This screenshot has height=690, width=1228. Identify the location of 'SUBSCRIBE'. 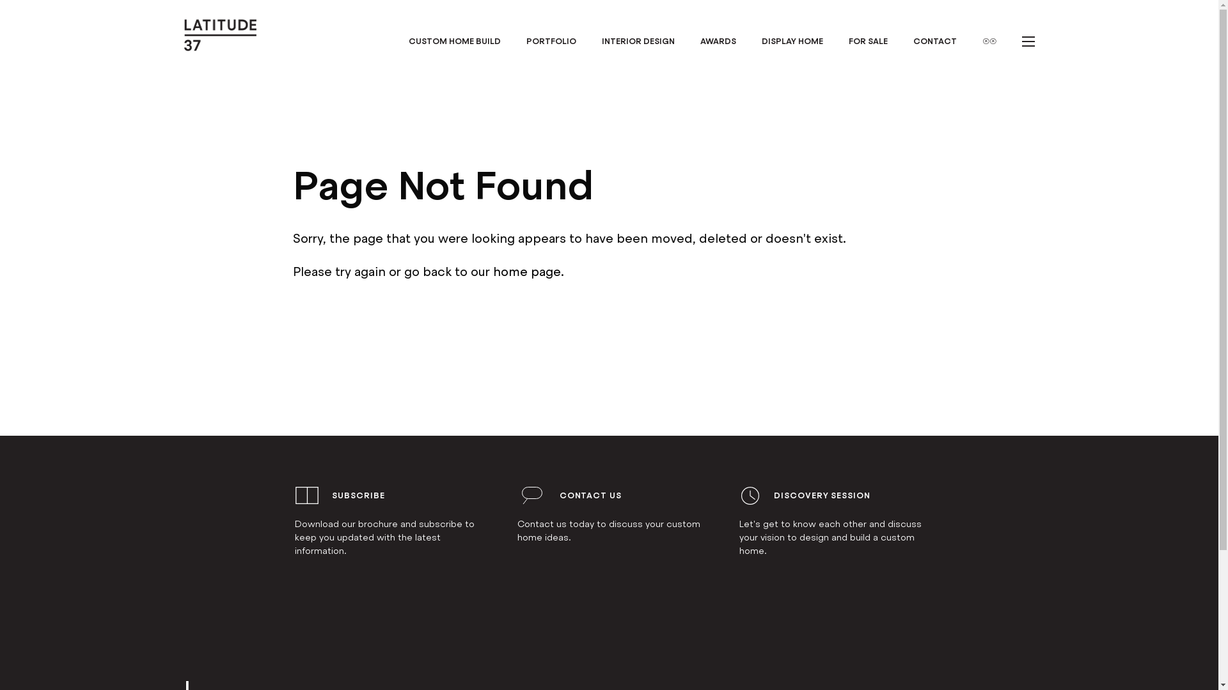
(358, 494).